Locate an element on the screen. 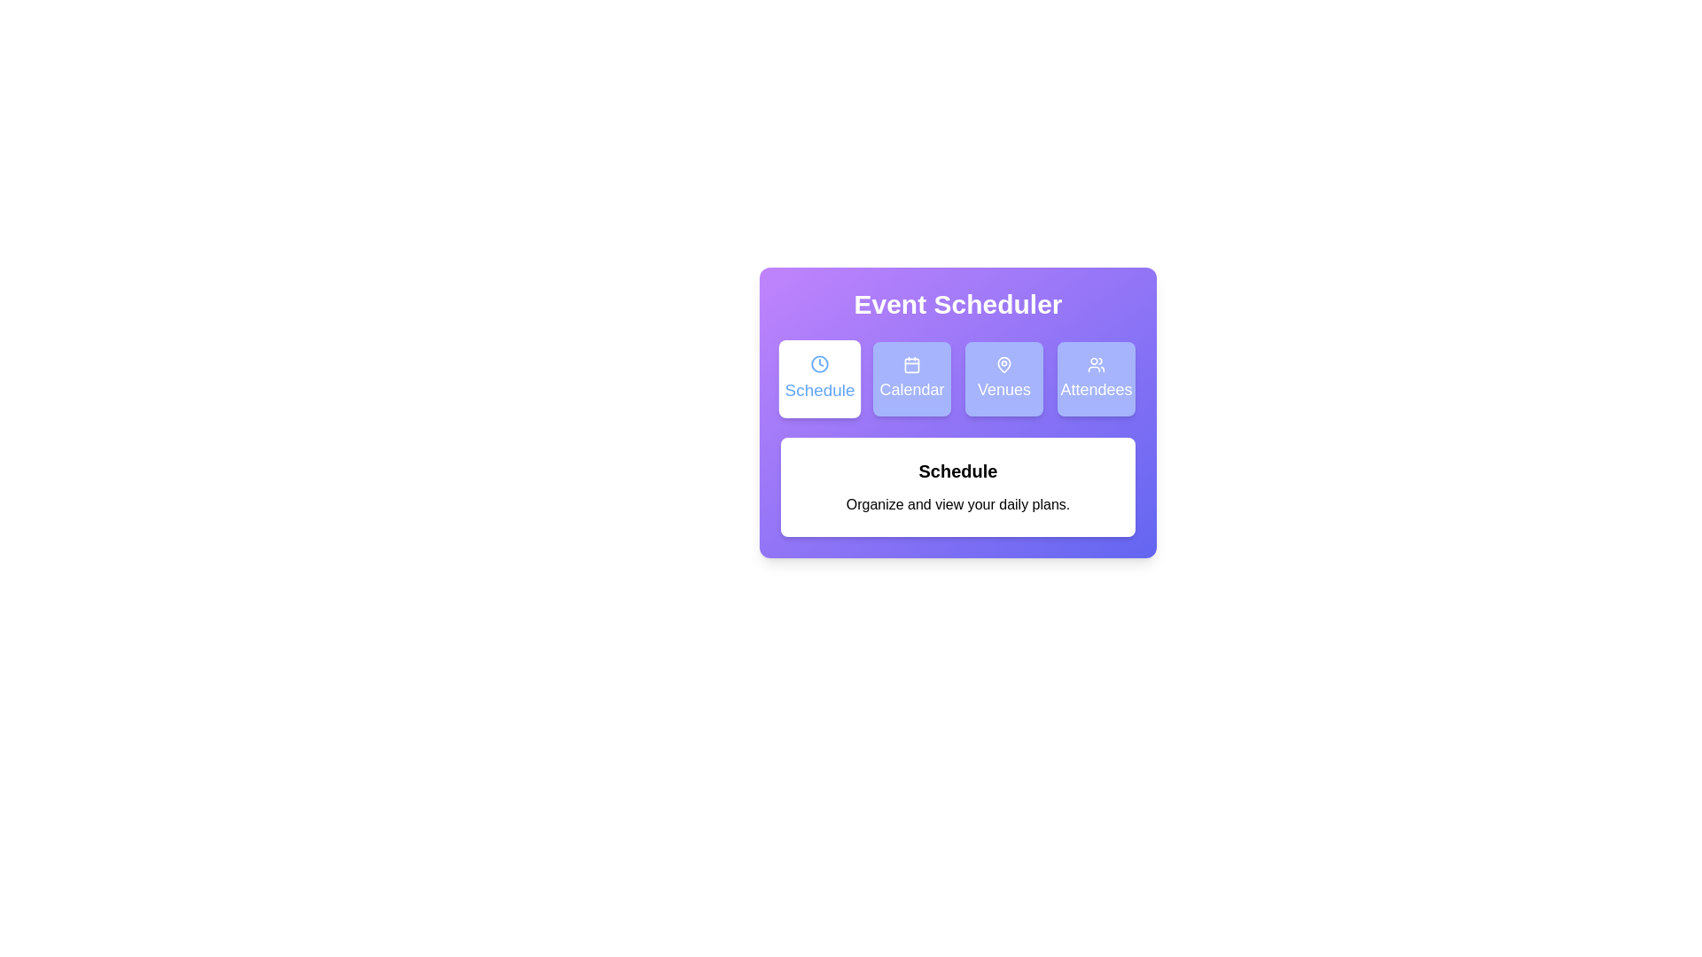 This screenshot has width=1702, height=957. the Calendar tab by clicking on its corresponding button is located at coordinates (911, 378).